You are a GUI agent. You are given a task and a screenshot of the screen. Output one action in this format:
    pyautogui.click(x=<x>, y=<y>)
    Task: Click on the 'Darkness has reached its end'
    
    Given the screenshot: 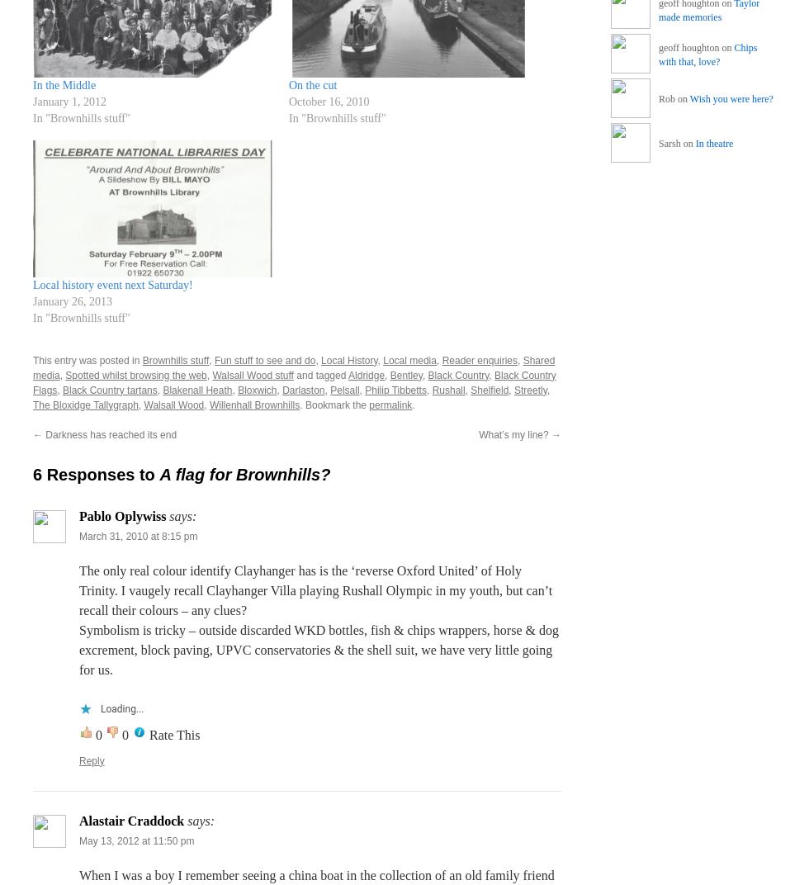 What is the action you would take?
    pyautogui.click(x=43, y=434)
    